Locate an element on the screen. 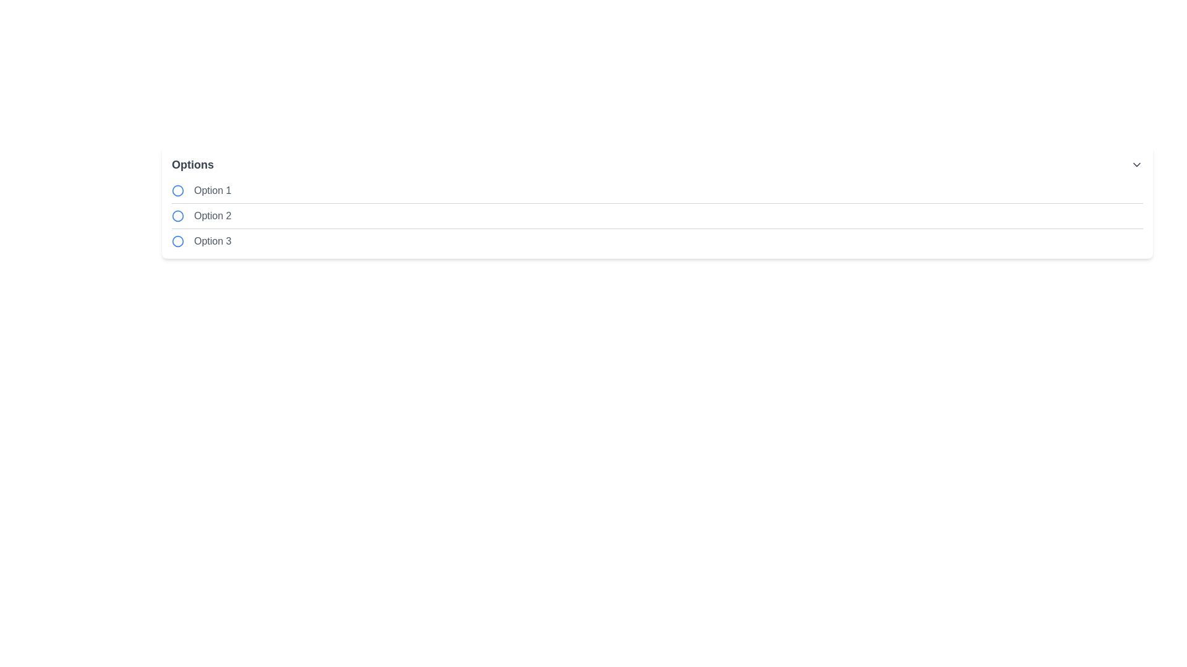 The width and height of the screenshot is (1187, 667). the third radio button in the vertical list is located at coordinates (177, 241).